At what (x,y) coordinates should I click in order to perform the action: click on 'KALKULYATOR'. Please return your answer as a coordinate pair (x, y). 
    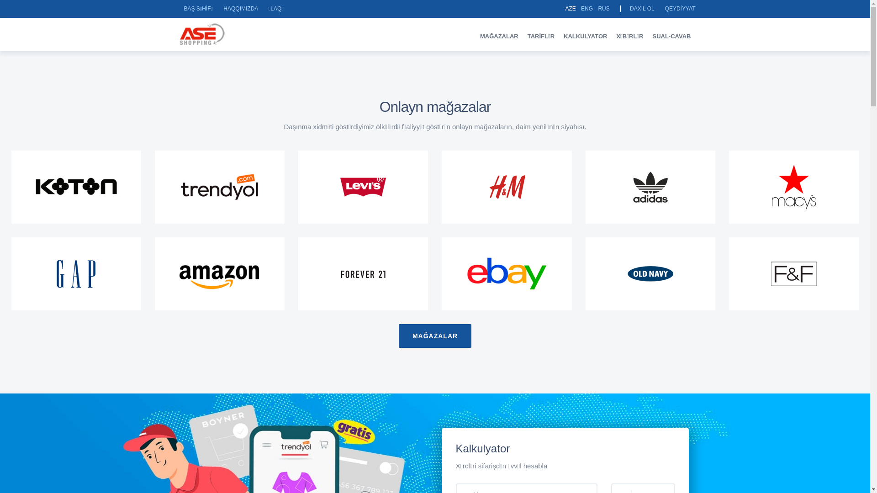
    Looking at the image, I should click on (559, 36).